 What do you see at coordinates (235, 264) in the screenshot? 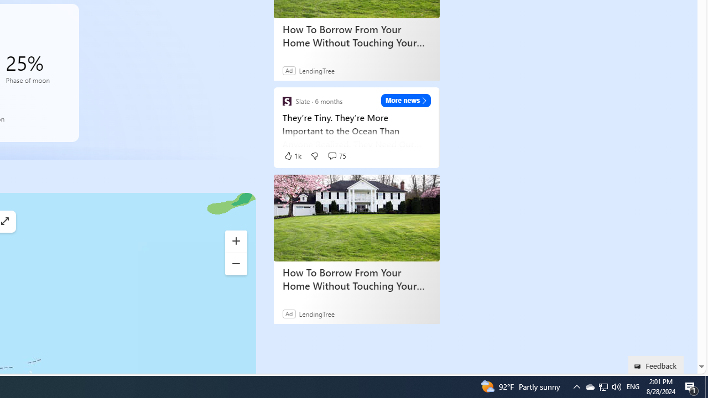
I see `'Zoom out'` at bounding box center [235, 264].